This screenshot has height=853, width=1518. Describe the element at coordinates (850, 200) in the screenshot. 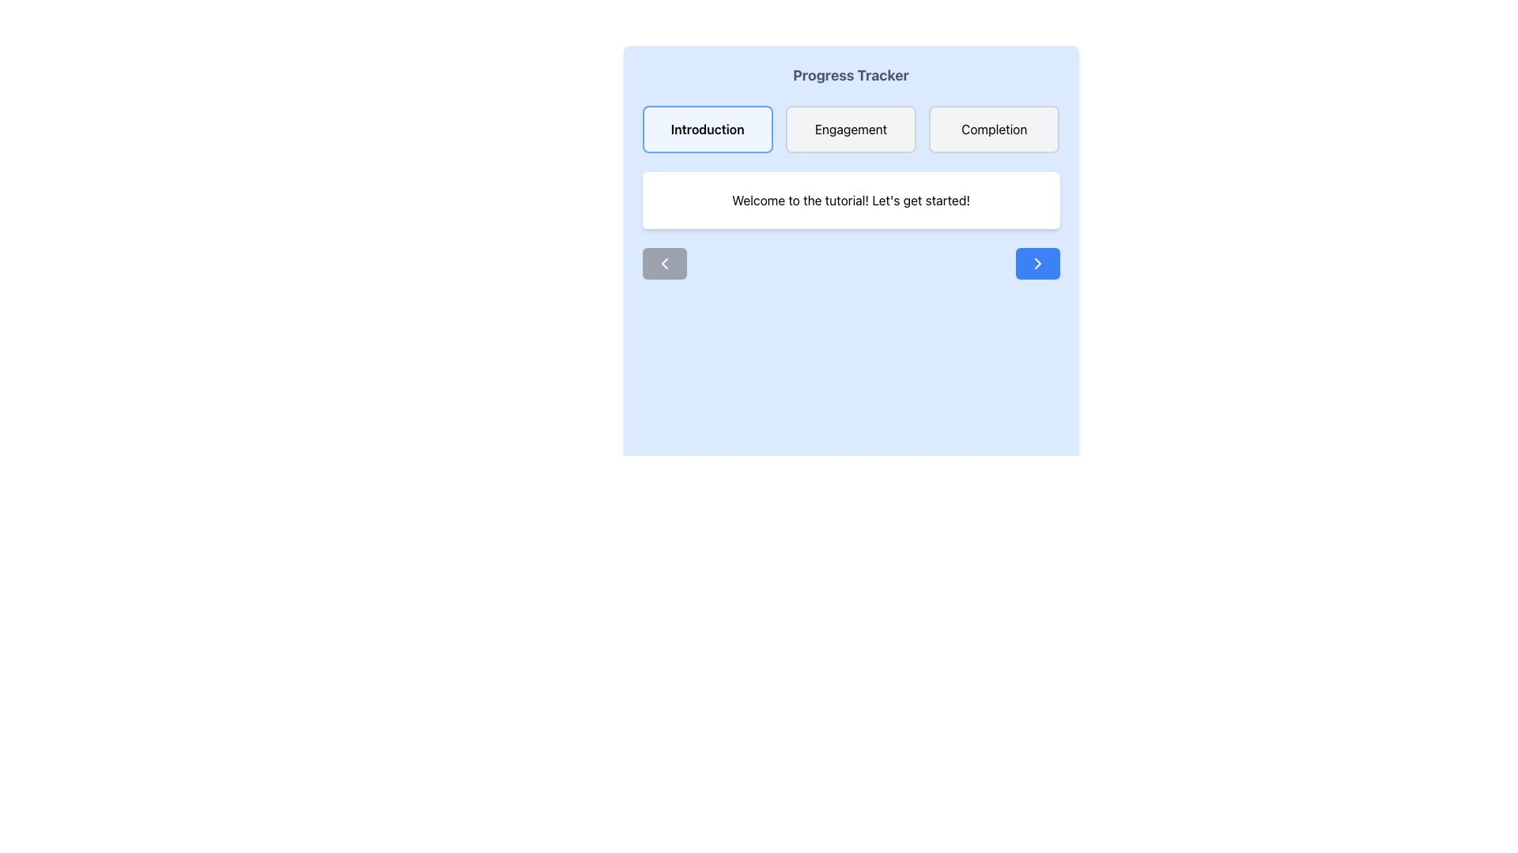

I see `the informational panel that displays the message 'Welcome to the tutorial! Let's get started!' with a white background and rounded corners, located centrally below the clickable tabs` at that location.